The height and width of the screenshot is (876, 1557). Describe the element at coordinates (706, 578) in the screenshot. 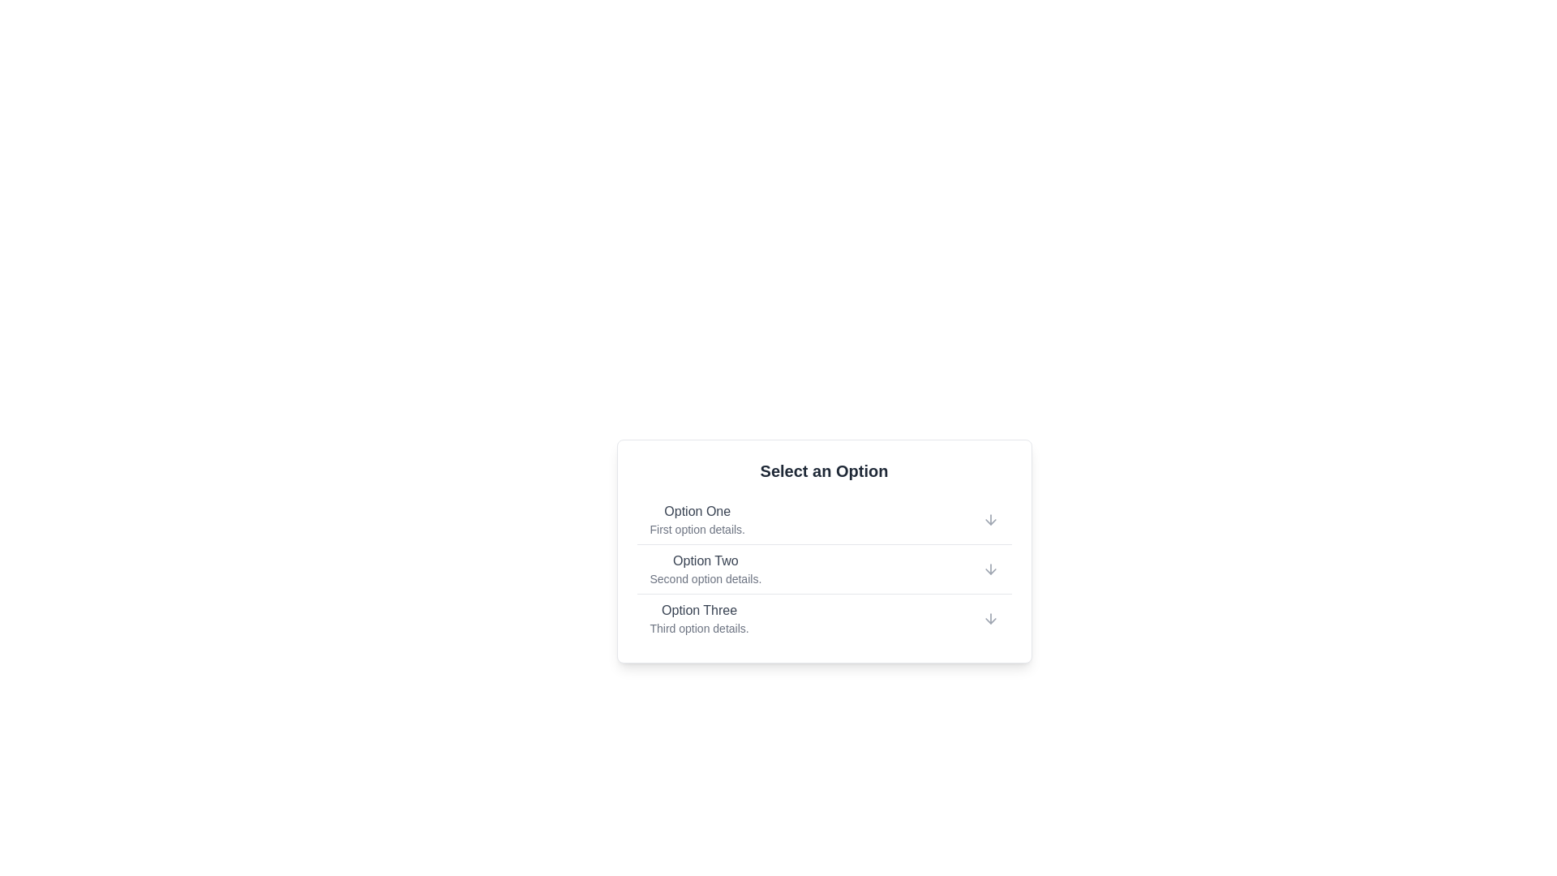

I see `the static text label providing additional descriptive information about 'Option Two', located below its heading and above a separator line` at that location.